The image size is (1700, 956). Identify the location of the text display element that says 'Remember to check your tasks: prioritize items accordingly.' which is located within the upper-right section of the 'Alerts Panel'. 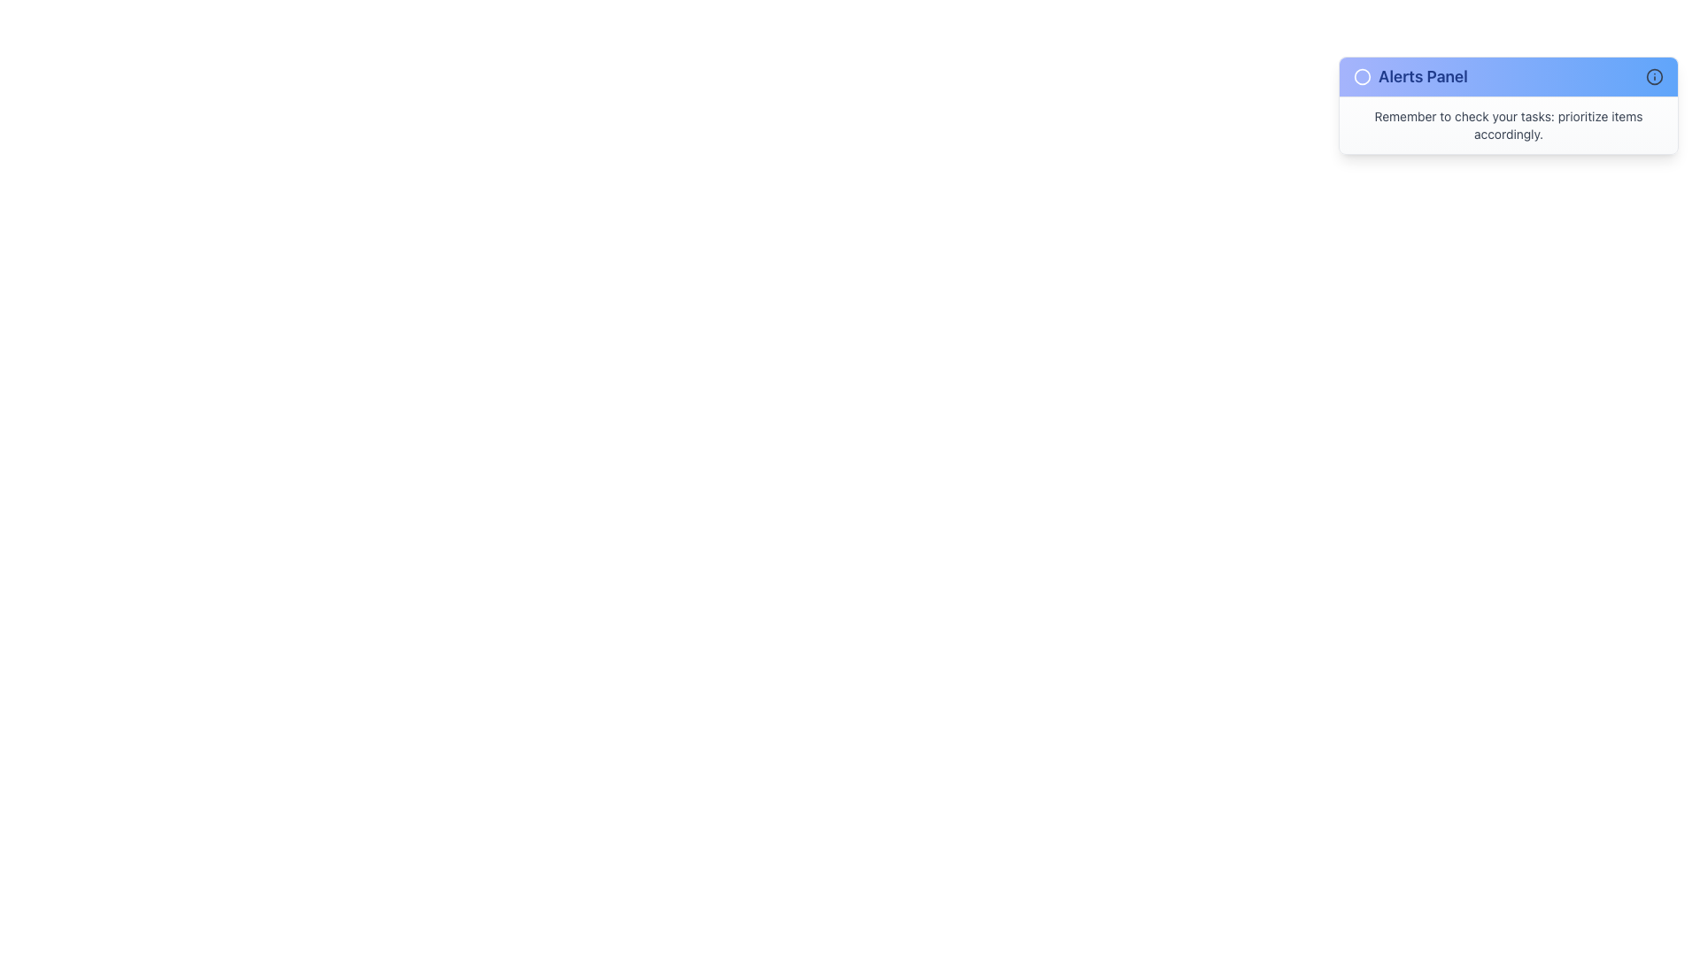
(1508, 125).